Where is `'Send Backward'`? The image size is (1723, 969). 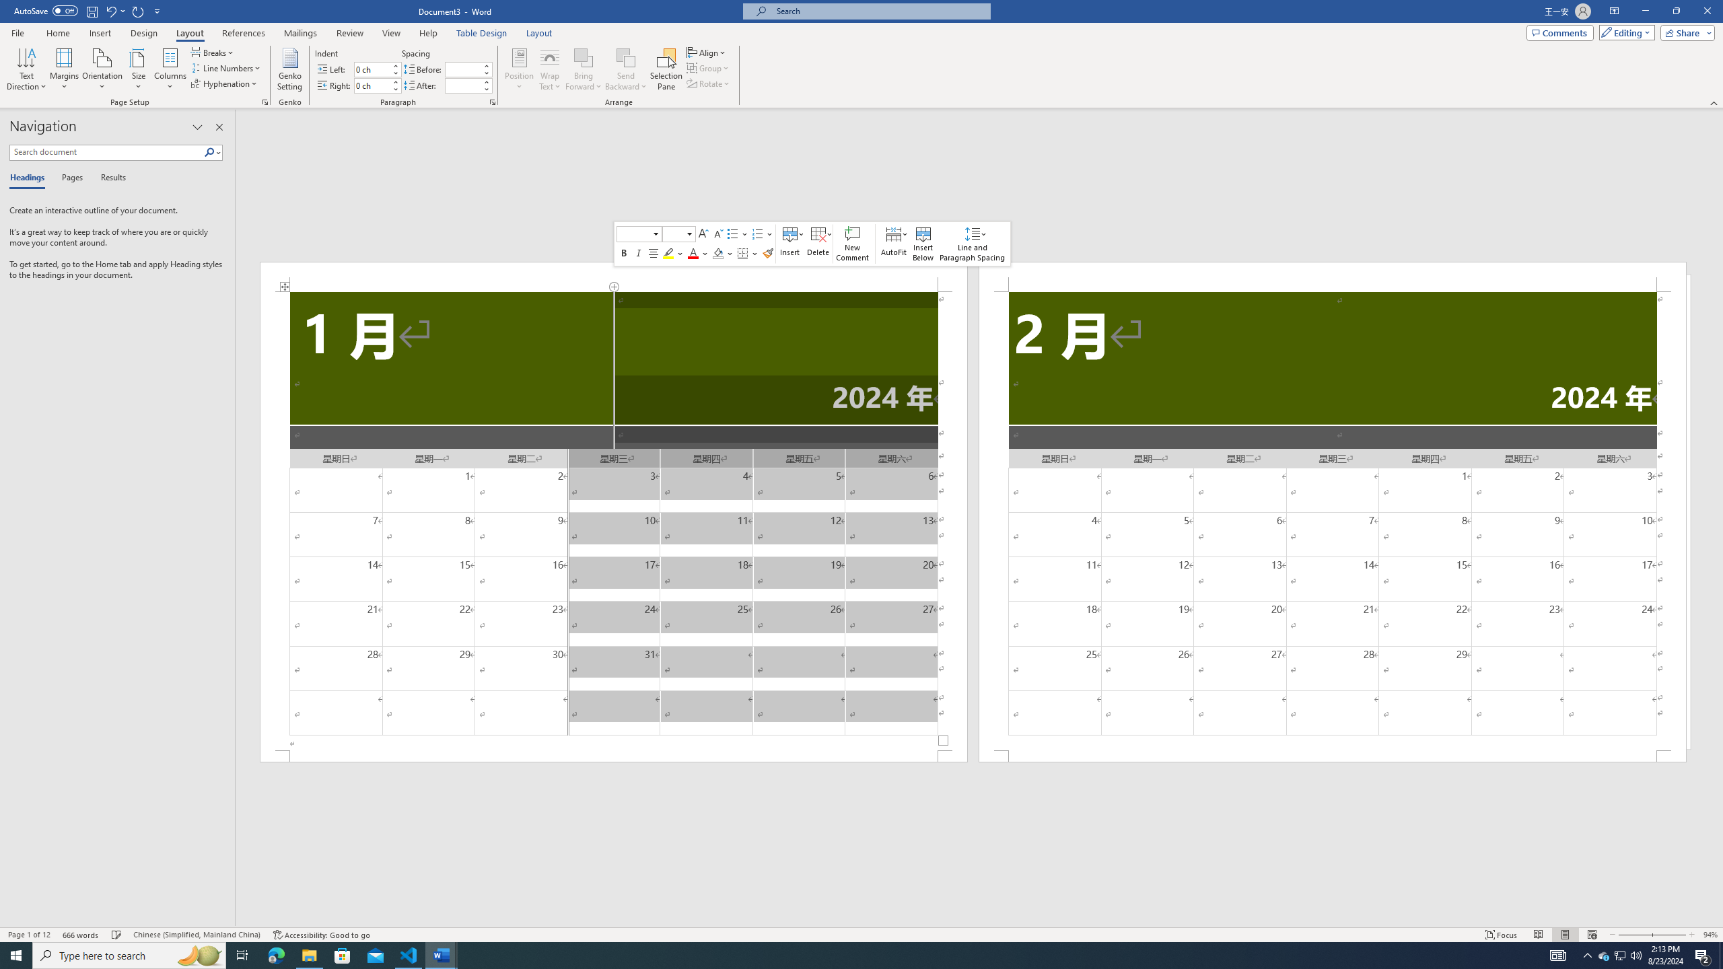
'Send Backward' is located at coordinates (625, 57).